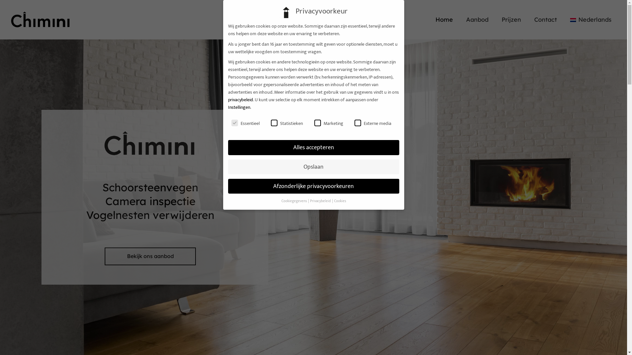 The height and width of the screenshot is (355, 632). What do you see at coordinates (238, 107) in the screenshot?
I see `'Instellingen'` at bounding box center [238, 107].